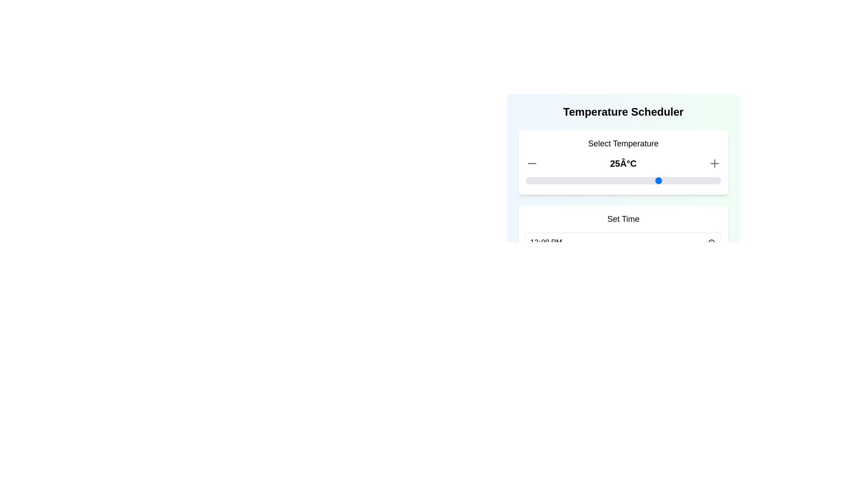 This screenshot has height=488, width=868. Describe the element at coordinates (554, 181) in the screenshot. I see `the temperature slider` at that location.